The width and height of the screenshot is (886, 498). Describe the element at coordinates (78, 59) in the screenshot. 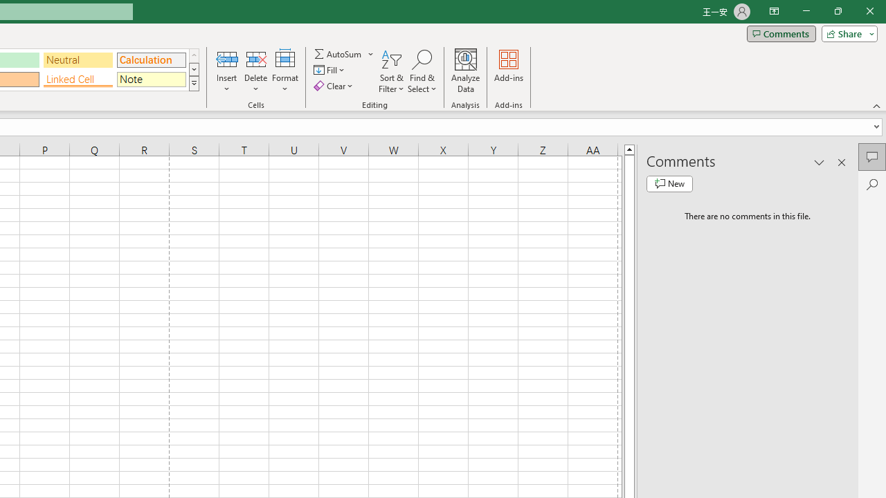

I see `'Neutral'` at that location.